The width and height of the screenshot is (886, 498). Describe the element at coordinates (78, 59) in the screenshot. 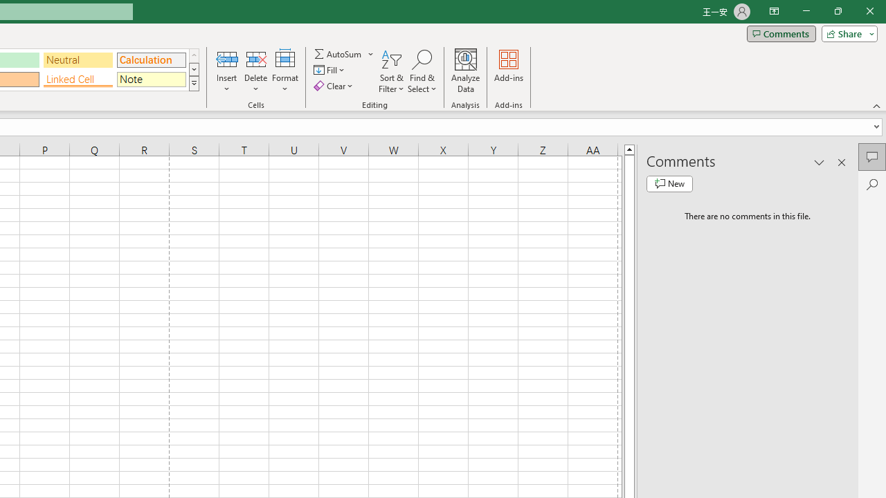

I see `'Neutral'` at that location.